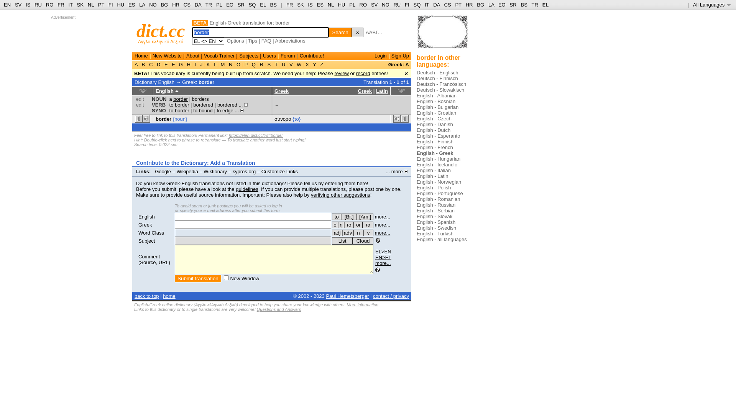 This screenshot has width=736, height=414. What do you see at coordinates (319, 64) in the screenshot?
I see `'Z'` at bounding box center [319, 64].